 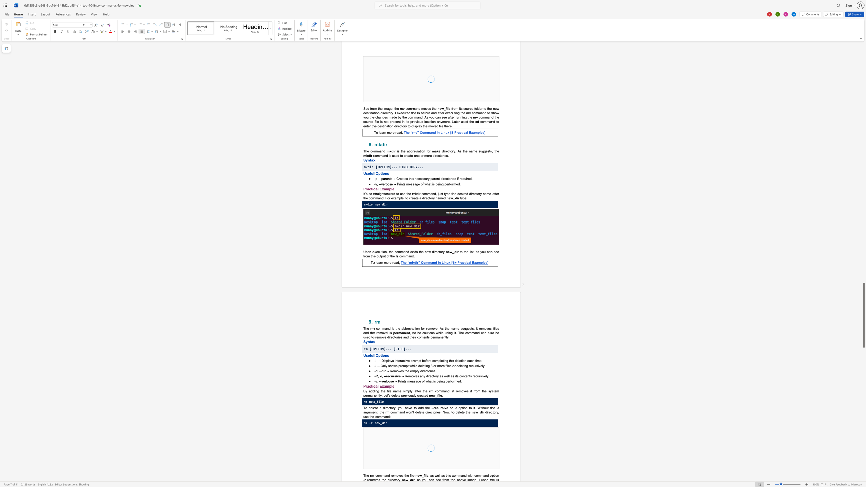 What do you see at coordinates (863, 248) in the screenshot?
I see `the scrollbar on the side` at bounding box center [863, 248].